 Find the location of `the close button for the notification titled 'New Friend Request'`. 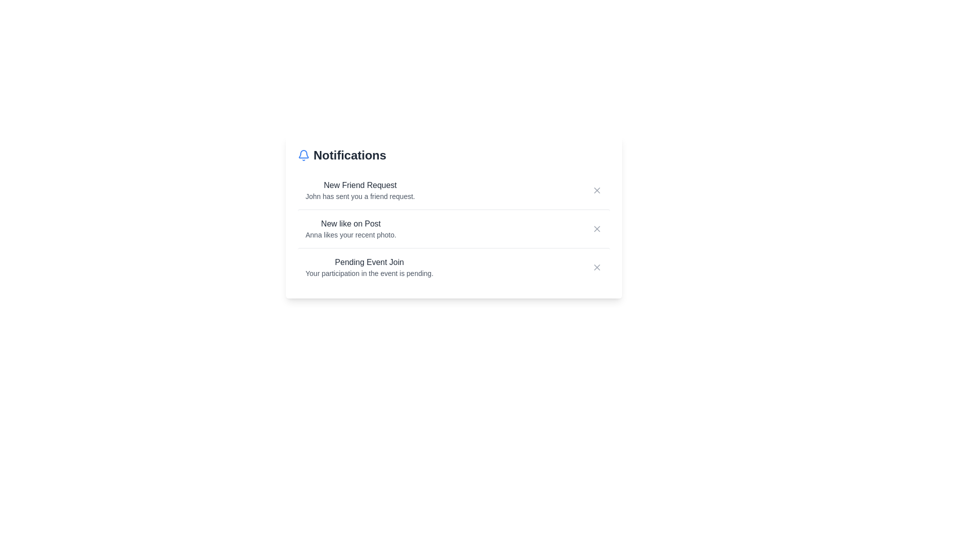

the close button for the notification titled 'New Friend Request' is located at coordinates (597, 190).